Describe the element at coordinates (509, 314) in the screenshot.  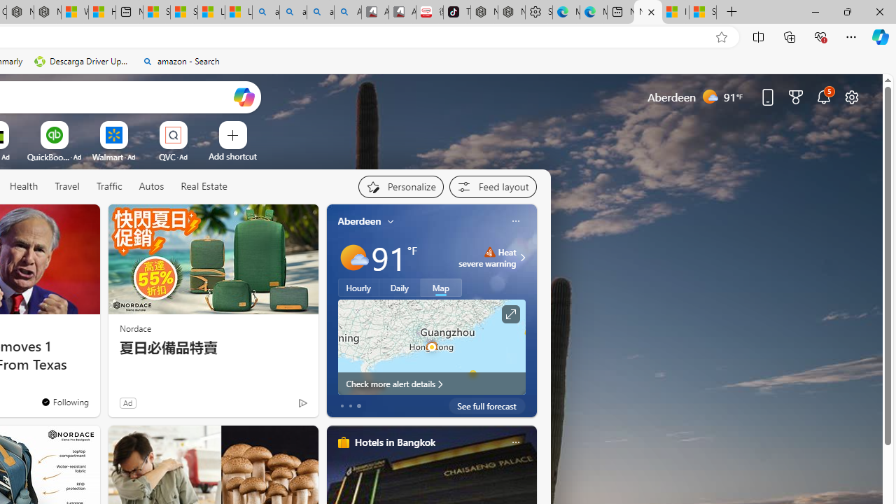
I see `'Click to see more information'` at that location.